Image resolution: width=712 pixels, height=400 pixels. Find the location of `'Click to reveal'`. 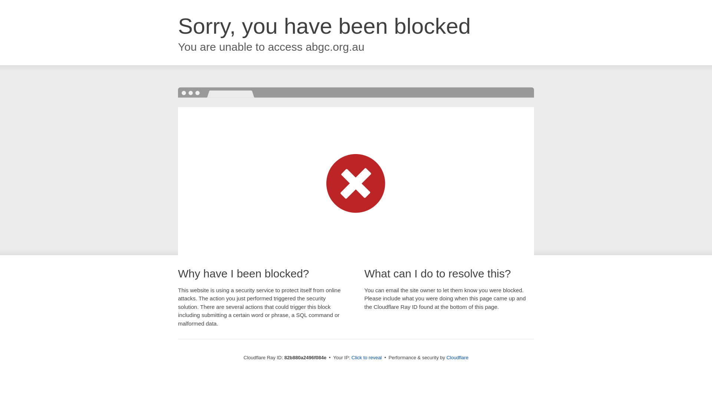

'Click to reveal' is located at coordinates (366, 357).